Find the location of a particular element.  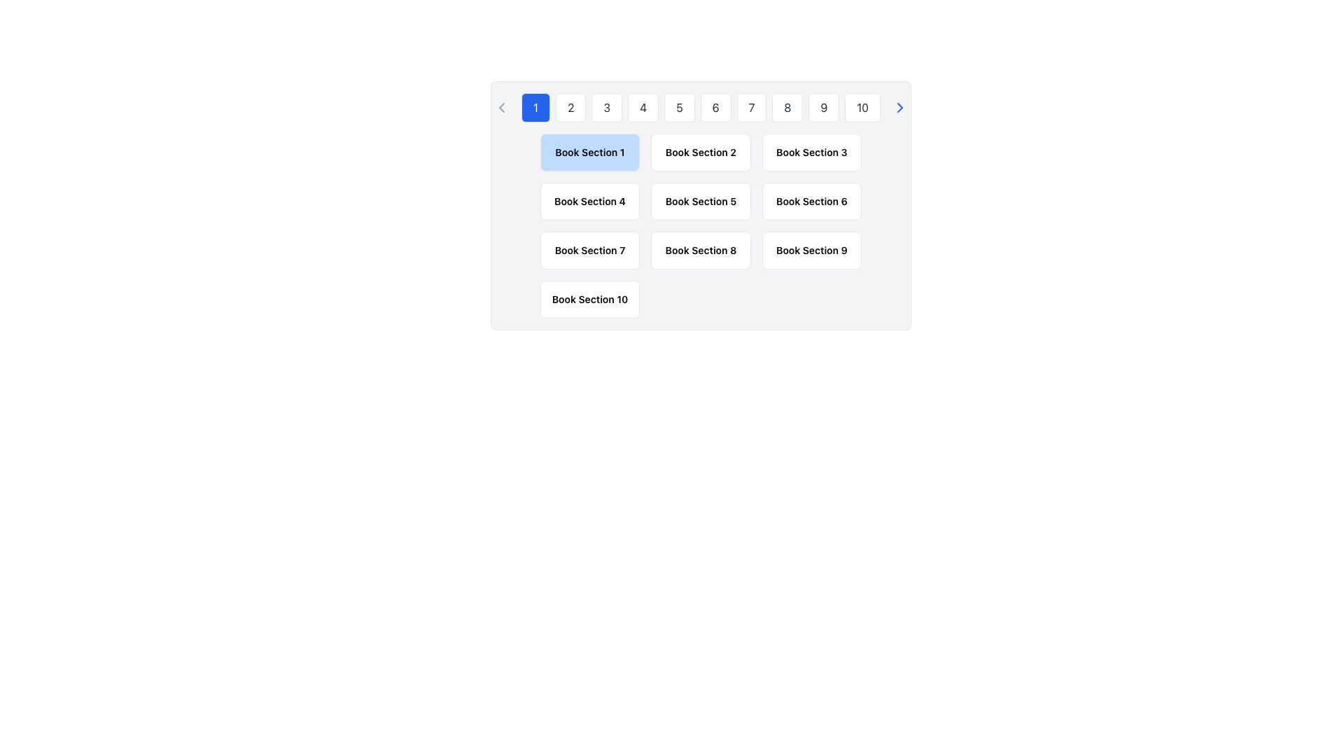

the selectable text label 'Book Section 7' located in the second row and first column of the grid layout is located at coordinates (590, 250).